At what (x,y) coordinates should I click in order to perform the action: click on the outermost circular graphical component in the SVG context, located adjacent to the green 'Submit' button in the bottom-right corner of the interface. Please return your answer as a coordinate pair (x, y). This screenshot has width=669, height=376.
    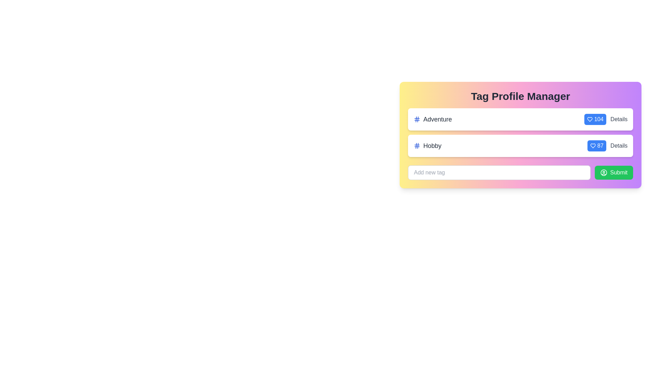
    Looking at the image, I should click on (603, 172).